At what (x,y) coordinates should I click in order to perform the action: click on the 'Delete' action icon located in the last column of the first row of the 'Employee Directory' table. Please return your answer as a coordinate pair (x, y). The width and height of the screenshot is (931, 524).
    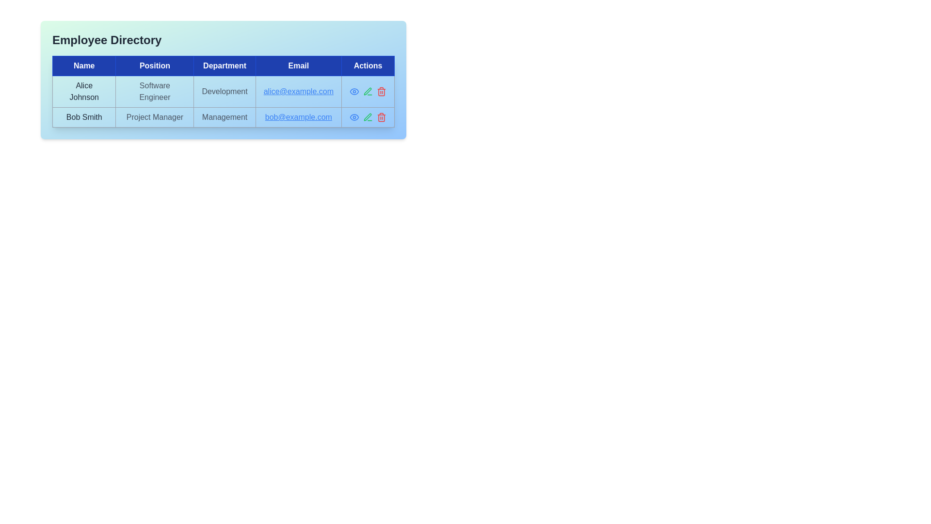
    Looking at the image, I should click on (381, 92).